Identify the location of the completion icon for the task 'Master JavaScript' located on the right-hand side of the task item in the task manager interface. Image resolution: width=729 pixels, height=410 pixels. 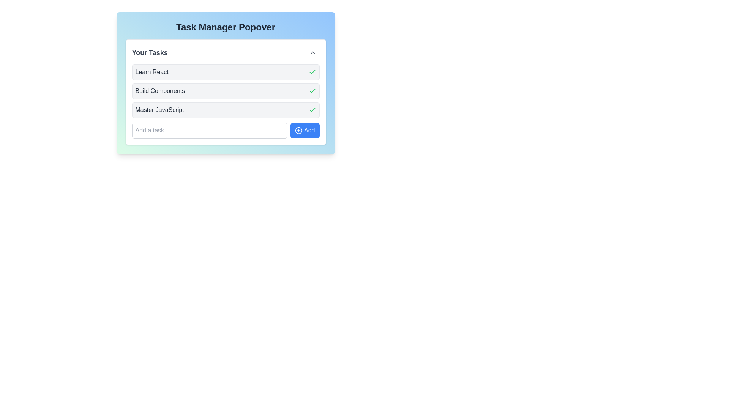
(312, 72).